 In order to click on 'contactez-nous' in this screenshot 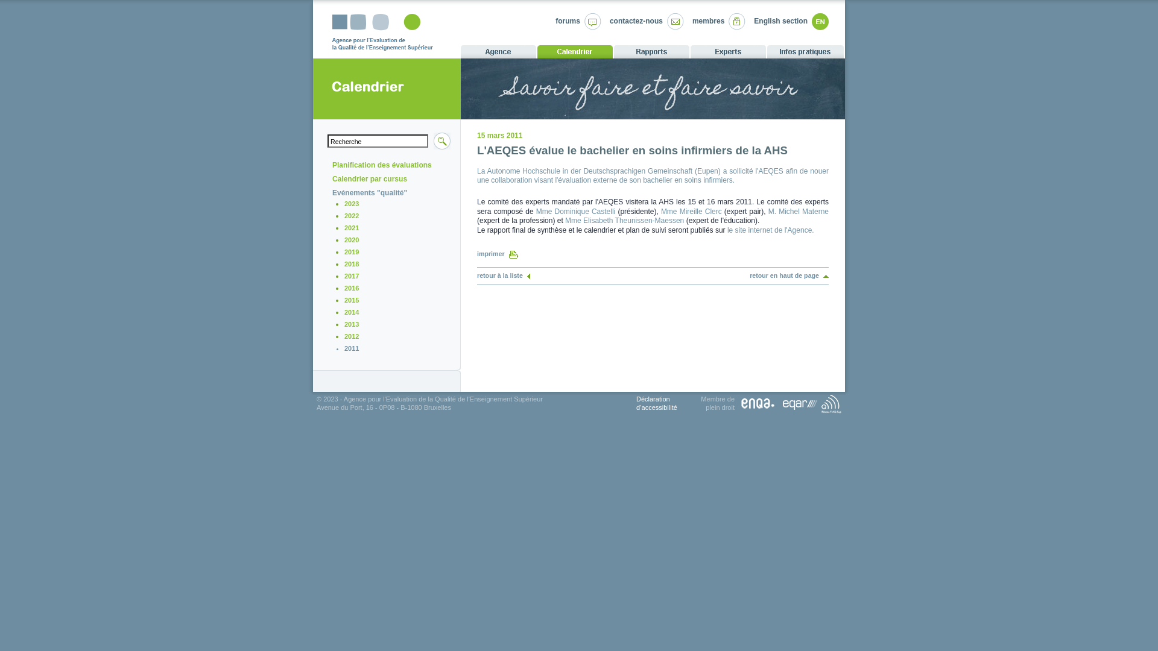, I will do `click(636, 20)`.